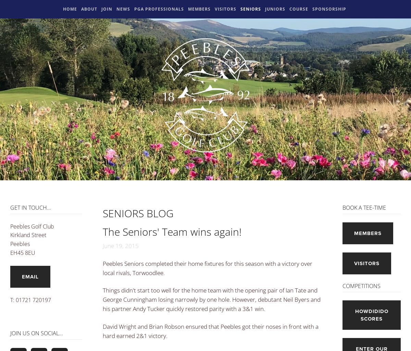 Image resolution: width=411 pixels, height=351 pixels. Describe the element at coordinates (211, 331) in the screenshot. I see `'David Wright and Brian Robson ensured that Peebles got their noses in front with a hard earned 2&1 victory.'` at that location.